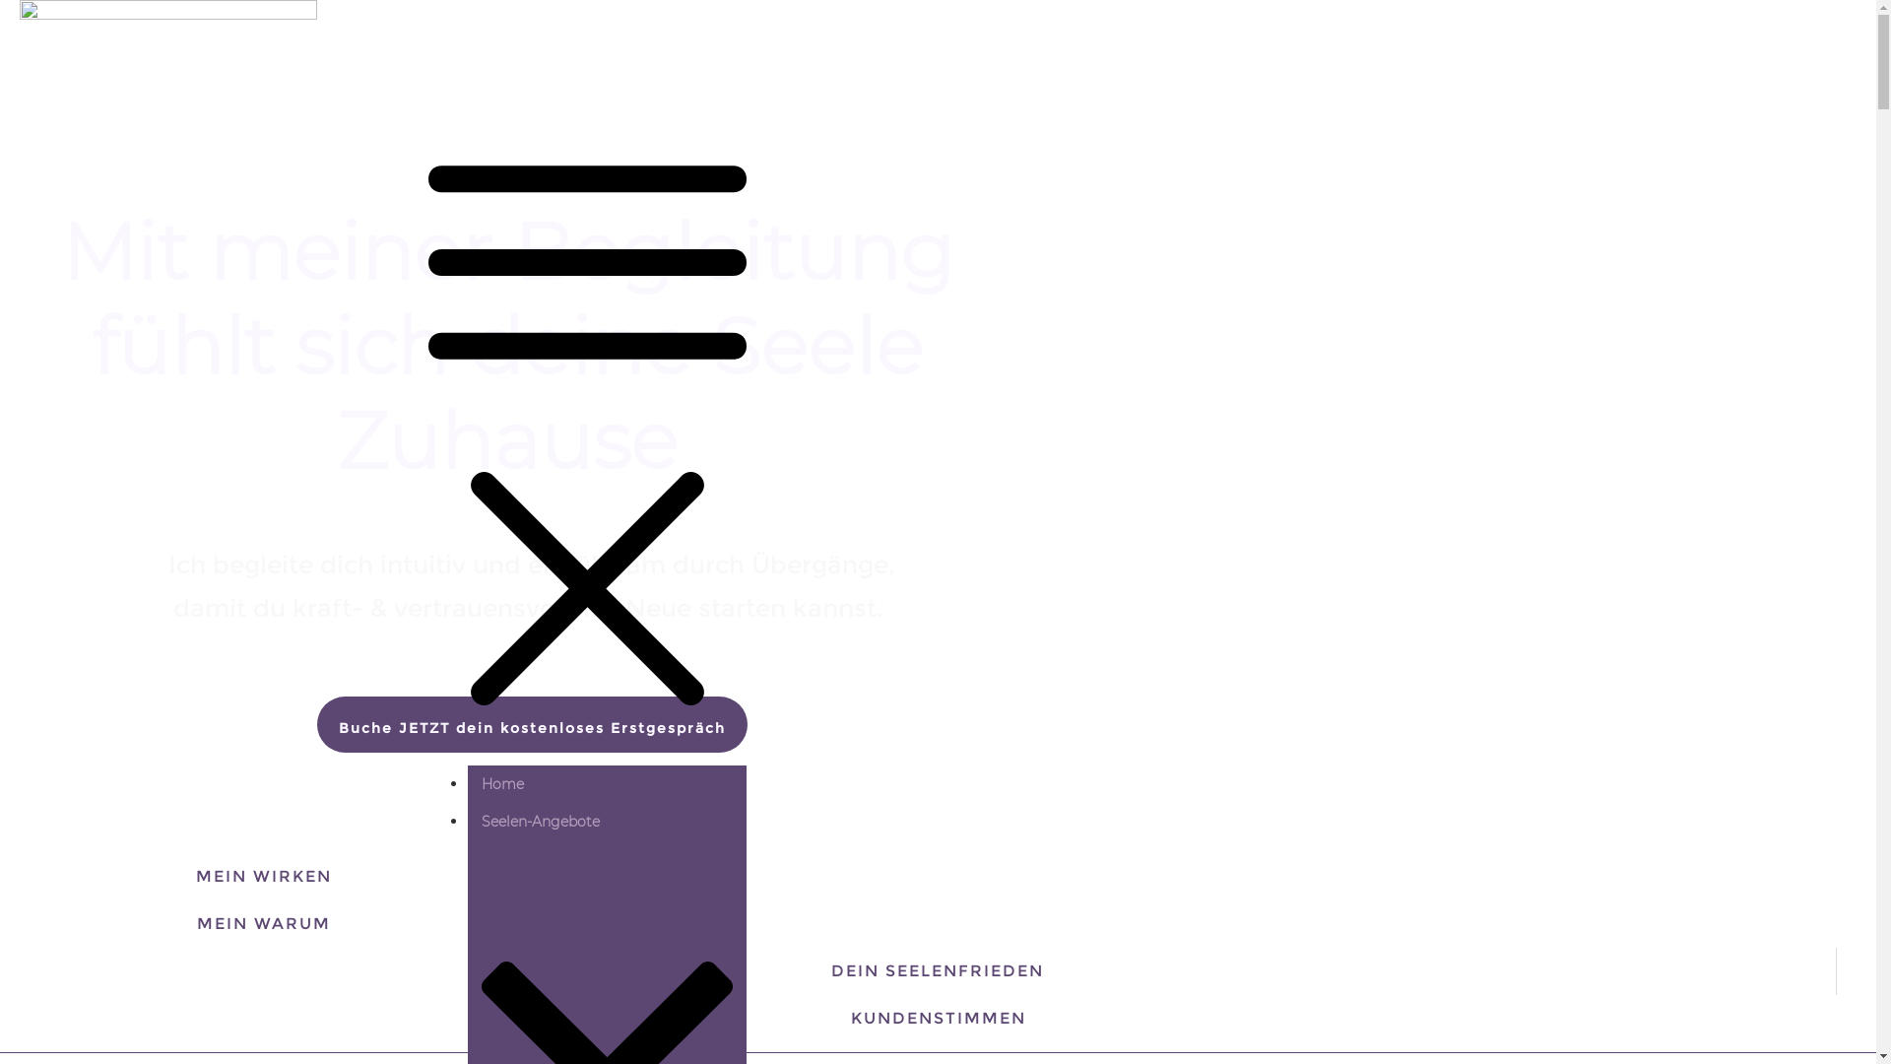  Describe the element at coordinates (938, 1018) in the screenshot. I see `'KUNDENSTIMMEN'` at that location.